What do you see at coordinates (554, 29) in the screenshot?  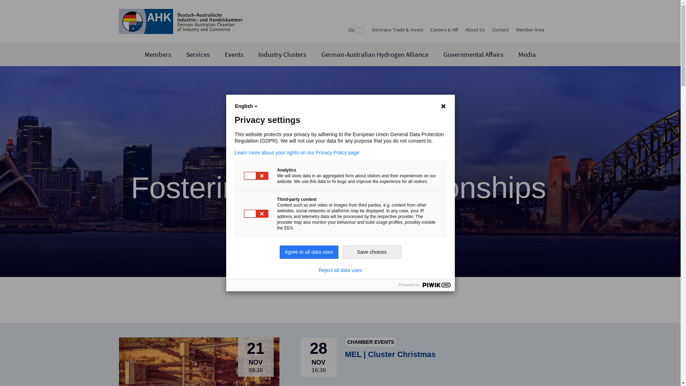 I see `'suchen'` at bounding box center [554, 29].